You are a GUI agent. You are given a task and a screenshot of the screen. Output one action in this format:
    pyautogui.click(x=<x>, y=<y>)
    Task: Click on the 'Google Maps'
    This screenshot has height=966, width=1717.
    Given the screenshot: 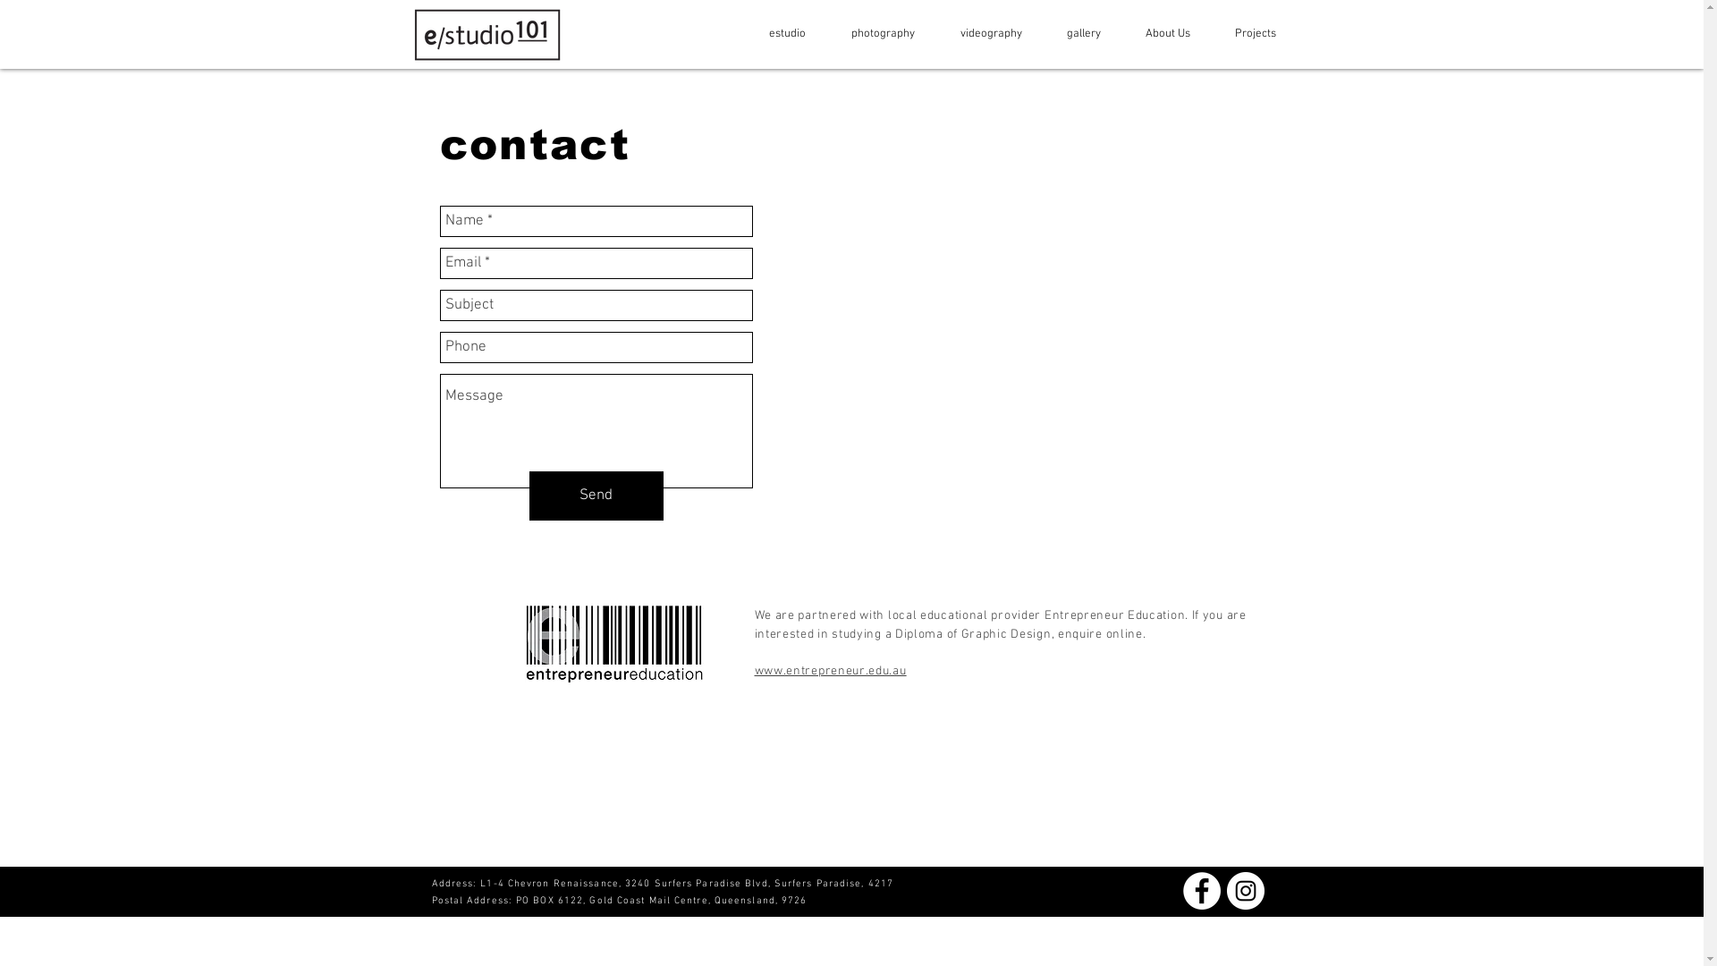 What is the action you would take?
    pyautogui.click(x=1016, y=351)
    